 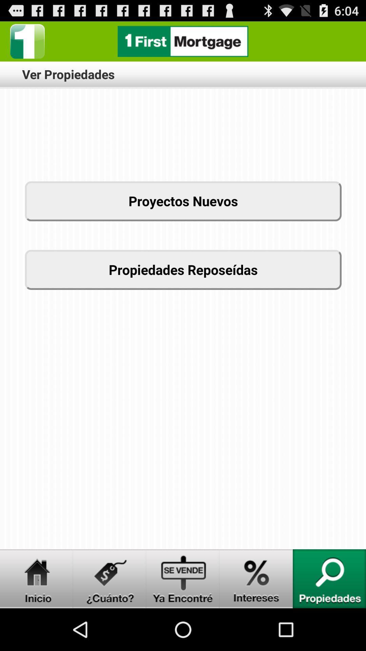 I want to click on the home icon, so click(x=37, y=619).